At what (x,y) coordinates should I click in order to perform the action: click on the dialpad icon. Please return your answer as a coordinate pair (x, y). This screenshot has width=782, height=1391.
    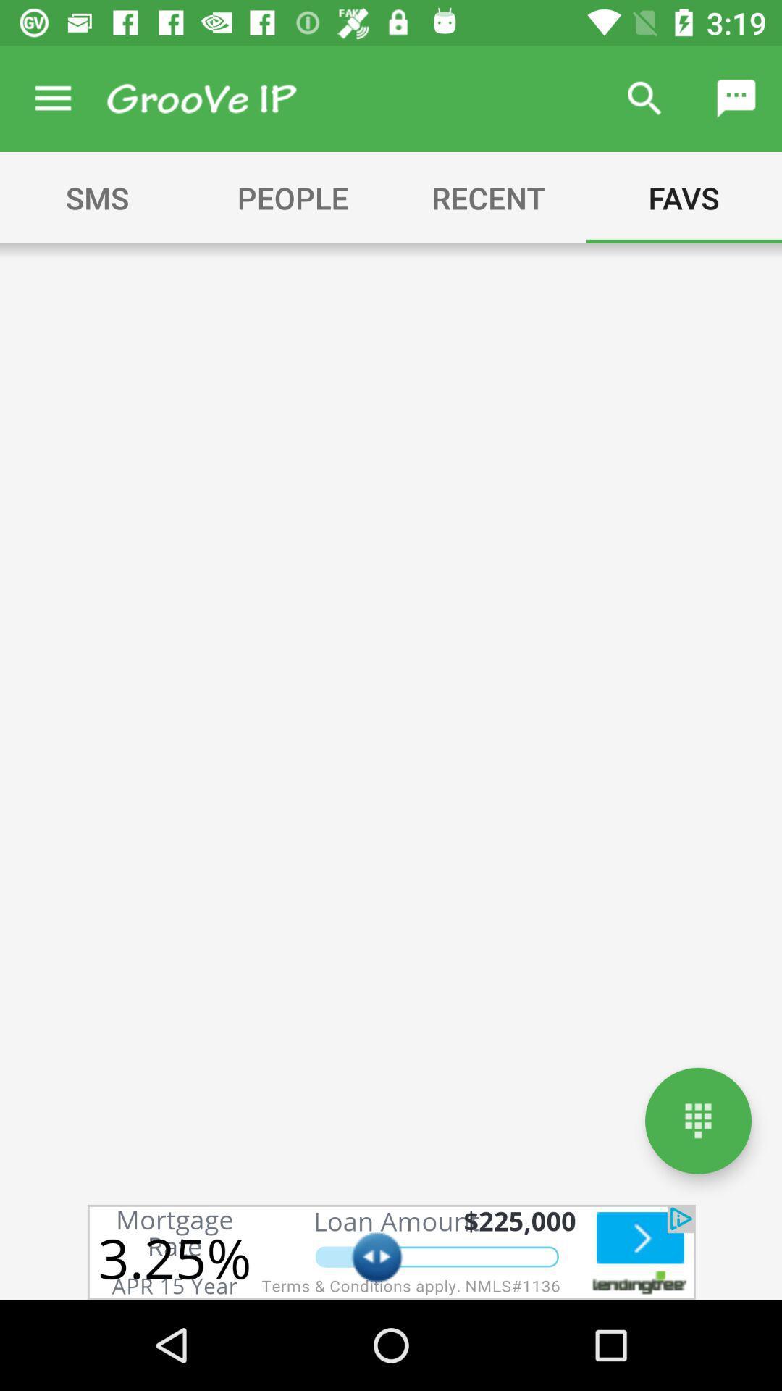
    Looking at the image, I should click on (697, 1120).